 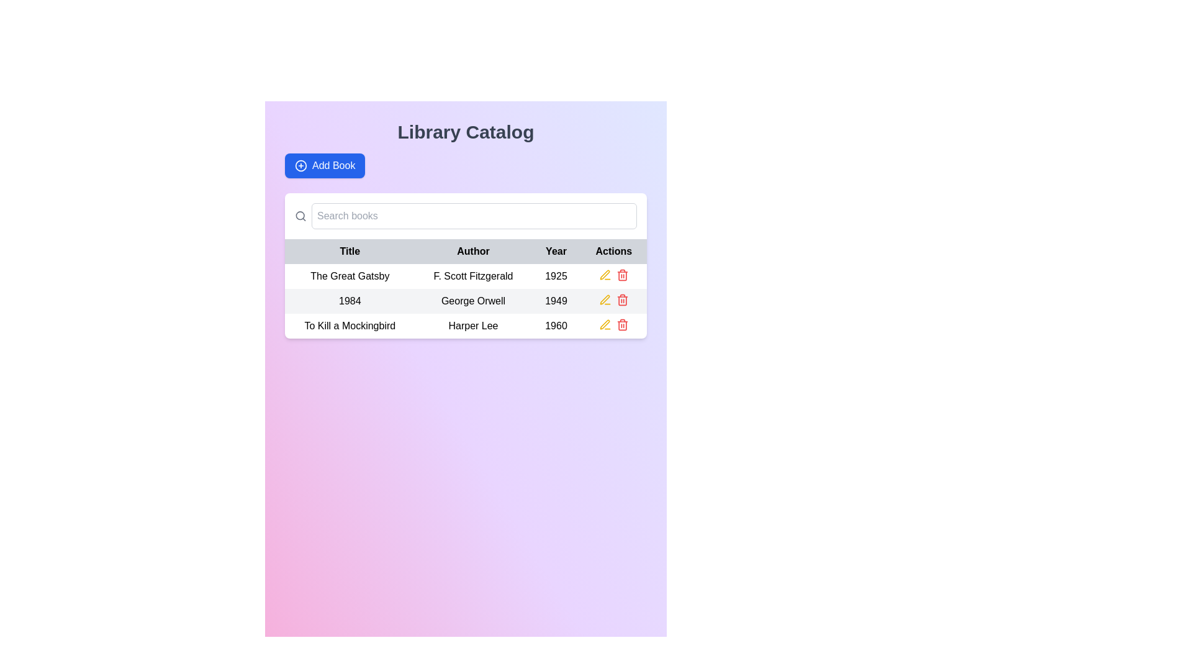 What do you see at coordinates (325, 165) in the screenshot?
I see `the 'Add New Book' button located below the title 'Library Catalog' to observe the hover effect` at bounding box center [325, 165].